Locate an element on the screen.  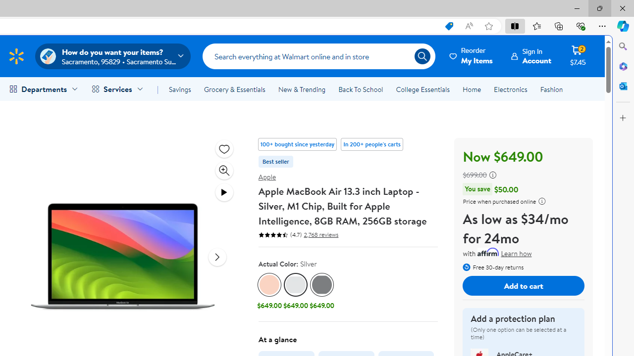
'Silver' is located at coordinates (295, 285).